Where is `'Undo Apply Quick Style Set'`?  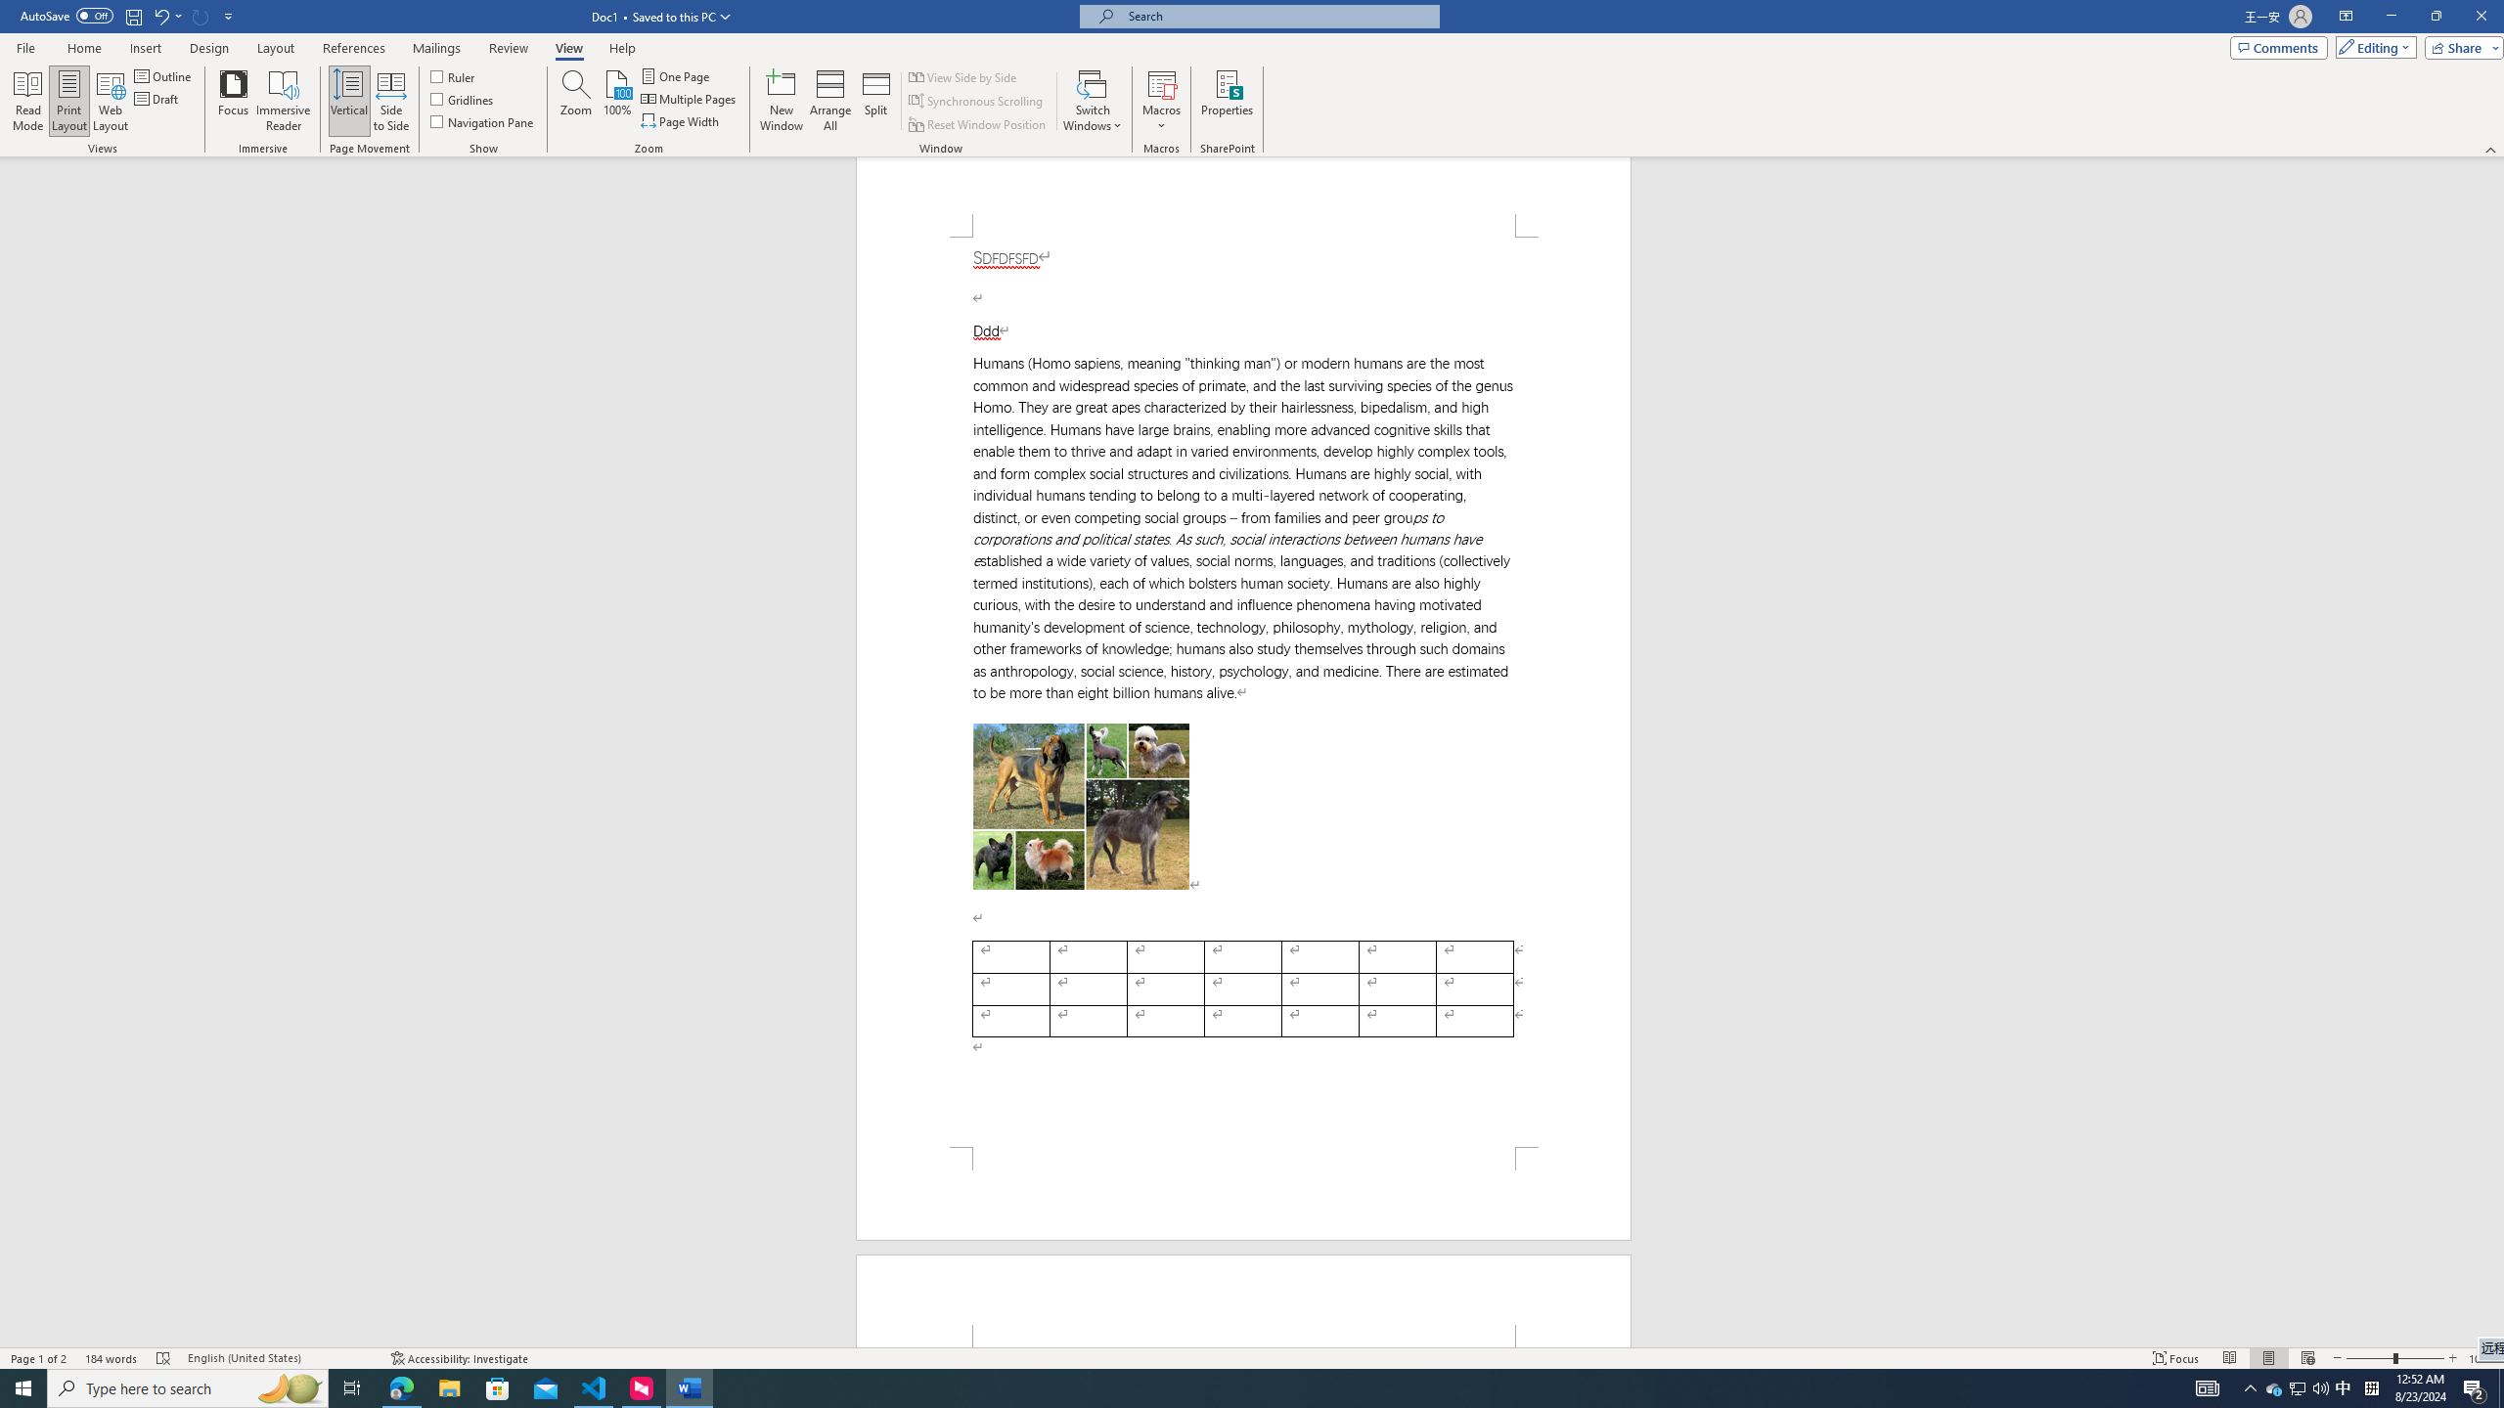
'Undo Apply Quick Style Set' is located at coordinates (159, 15).